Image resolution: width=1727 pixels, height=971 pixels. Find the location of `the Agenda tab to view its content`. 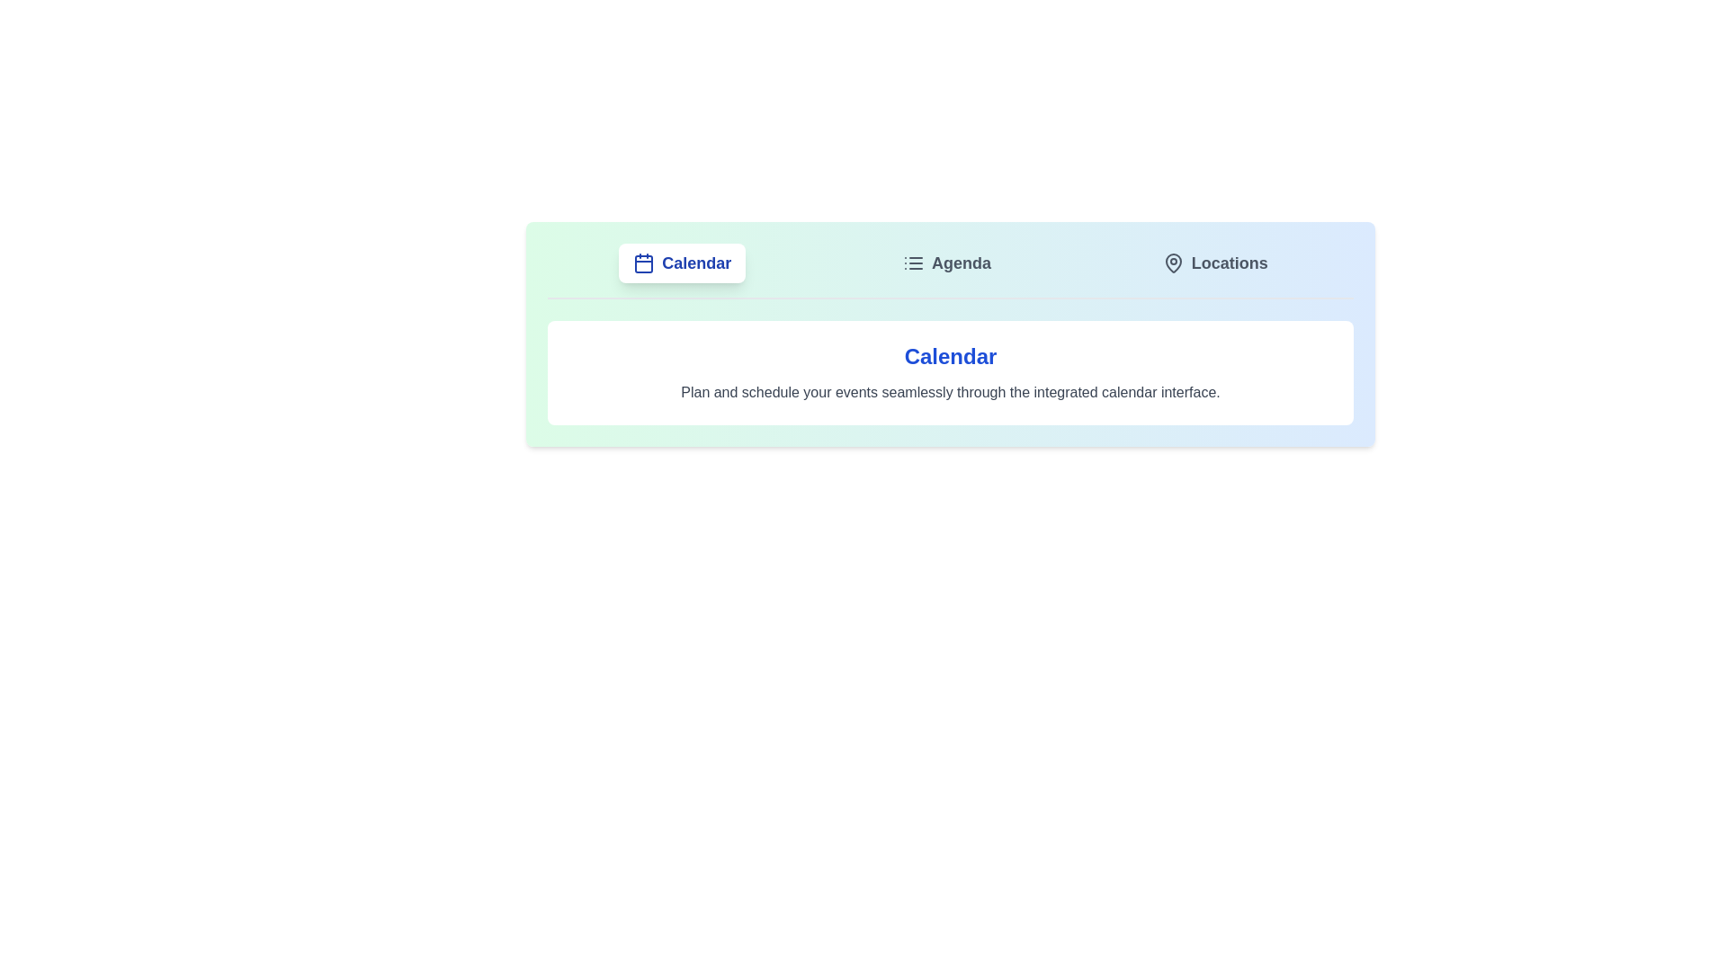

the Agenda tab to view its content is located at coordinates (945, 263).